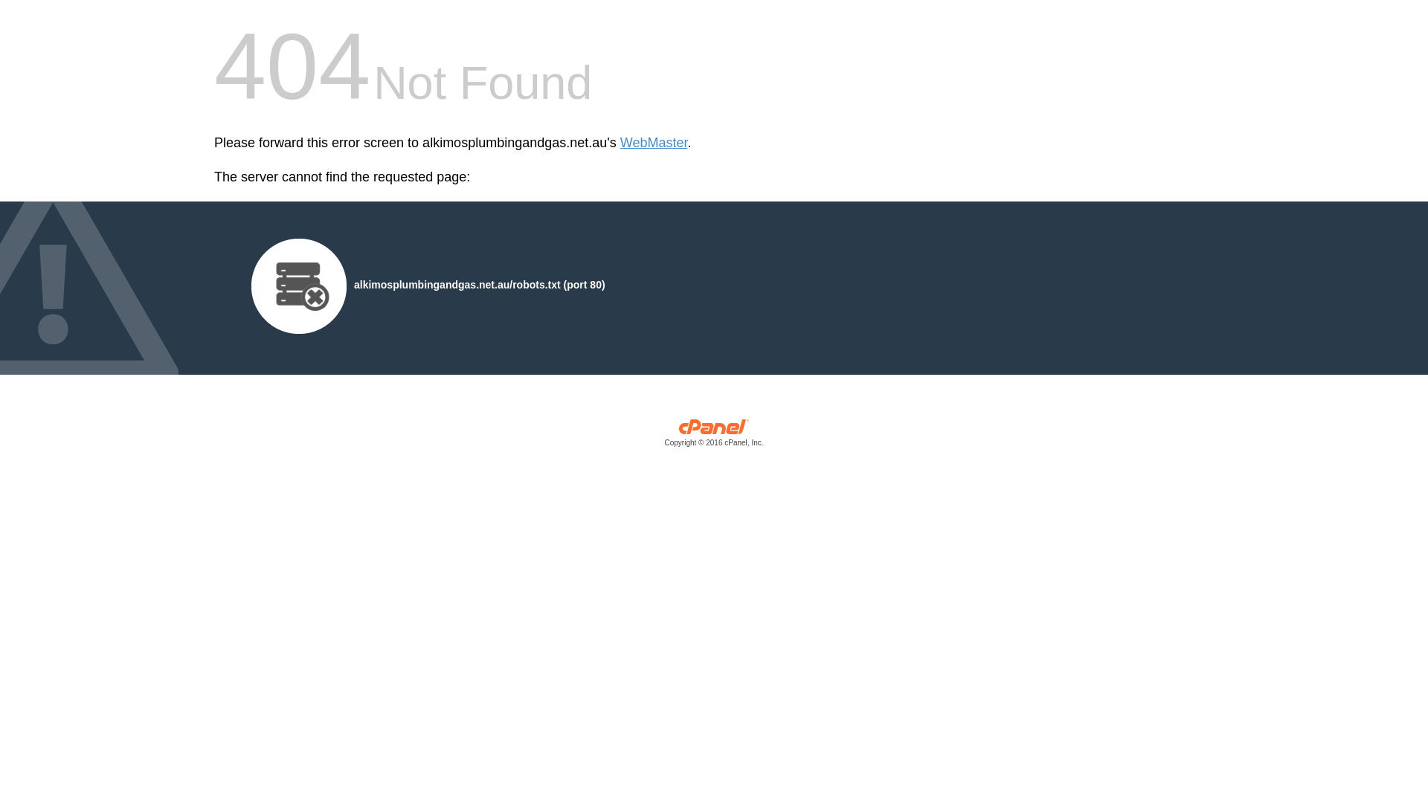 The image size is (1428, 803). What do you see at coordinates (654, 143) in the screenshot?
I see `'WebMaster'` at bounding box center [654, 143].